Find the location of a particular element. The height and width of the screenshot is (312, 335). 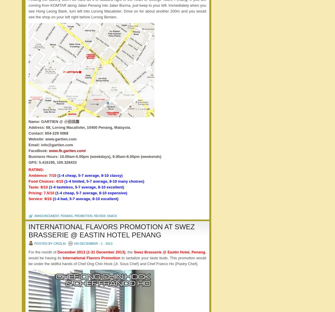

'December 2013 (1-31 December 2013)' is located at coordinates (57, 252).